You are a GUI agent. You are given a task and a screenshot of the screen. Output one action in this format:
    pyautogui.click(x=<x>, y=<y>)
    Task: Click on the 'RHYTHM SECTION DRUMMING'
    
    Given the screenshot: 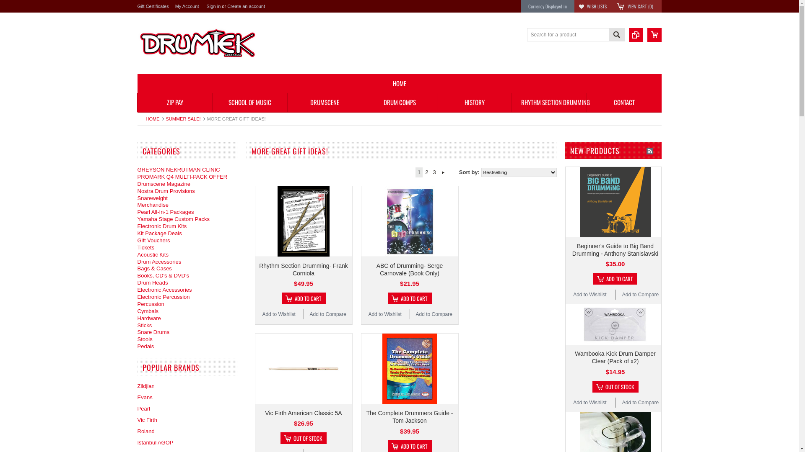 What is the action you would take?
    pyautogui.click(x=549, y=102)
    